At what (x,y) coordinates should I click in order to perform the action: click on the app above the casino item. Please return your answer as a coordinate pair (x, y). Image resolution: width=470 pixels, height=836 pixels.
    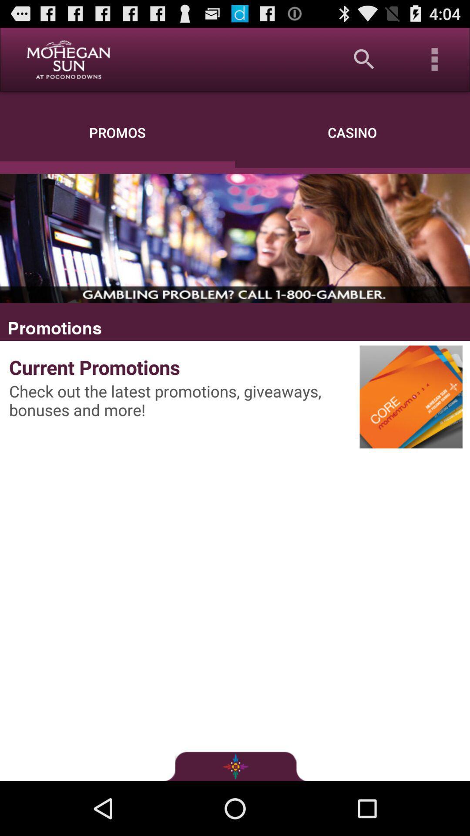
    Looking at the image, I should click on (364, 59).